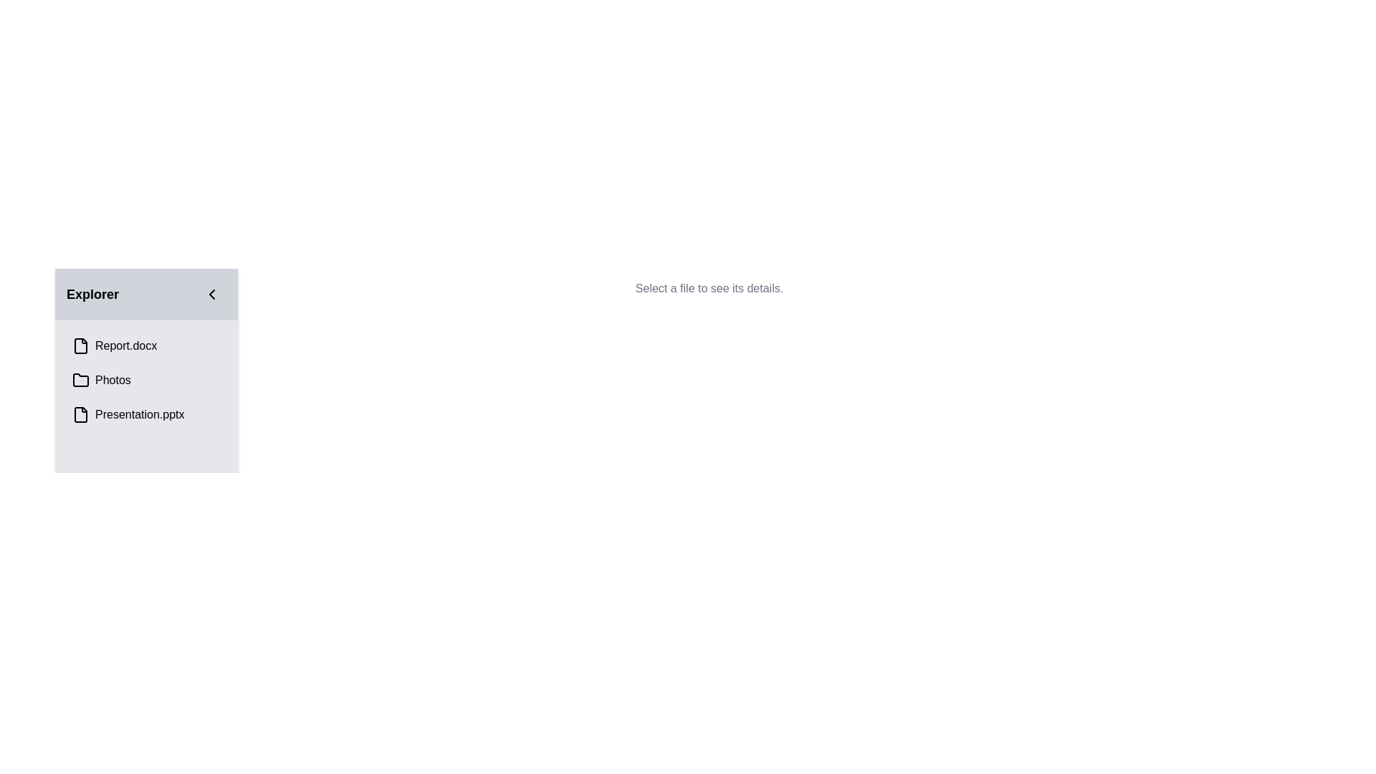 This screenshot has height=774, width=1376. I want to click on the text label displaying 'Report.docx' located in the left-hand sidebar under the 'Explorer' heading, so click(126, 345).